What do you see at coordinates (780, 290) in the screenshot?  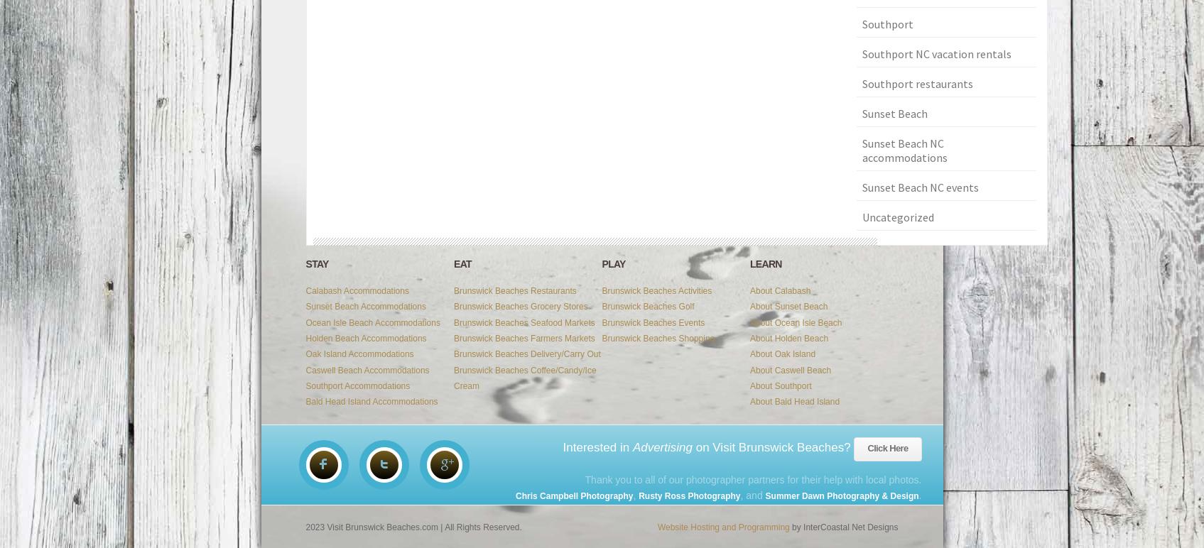 I see `'About Calabash'` at bounding box center [780, 290].